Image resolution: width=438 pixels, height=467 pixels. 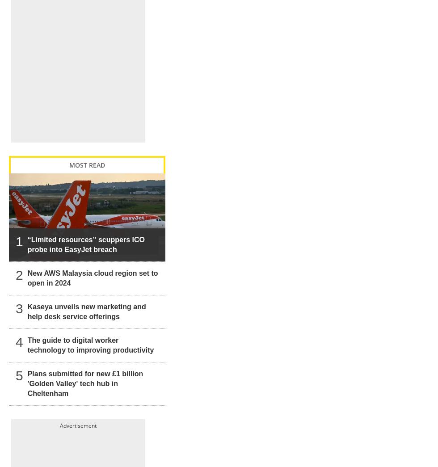 What do you see at coordinates (27, 374) in the screenshot?
I see `'Plans submitted for new £1 billion 'Golden Valley' tech hub in Cheltenham'` at bounding box center [27, 374].